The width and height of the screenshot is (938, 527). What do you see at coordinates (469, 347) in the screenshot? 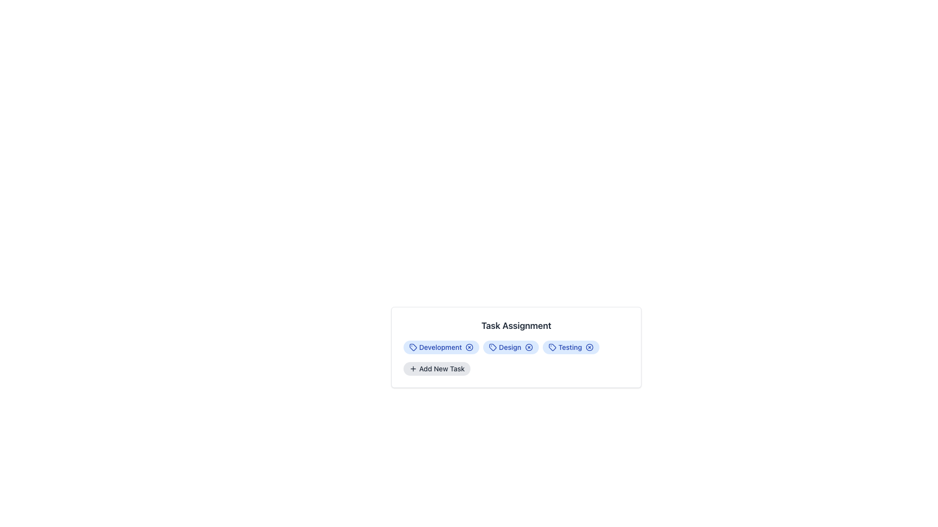
I see `the Icon button with a blue border and a cross (X) inside, located to the immediate right of the 'Development' label in the 'Task Assignment' section` at bounding box center [469, 347].